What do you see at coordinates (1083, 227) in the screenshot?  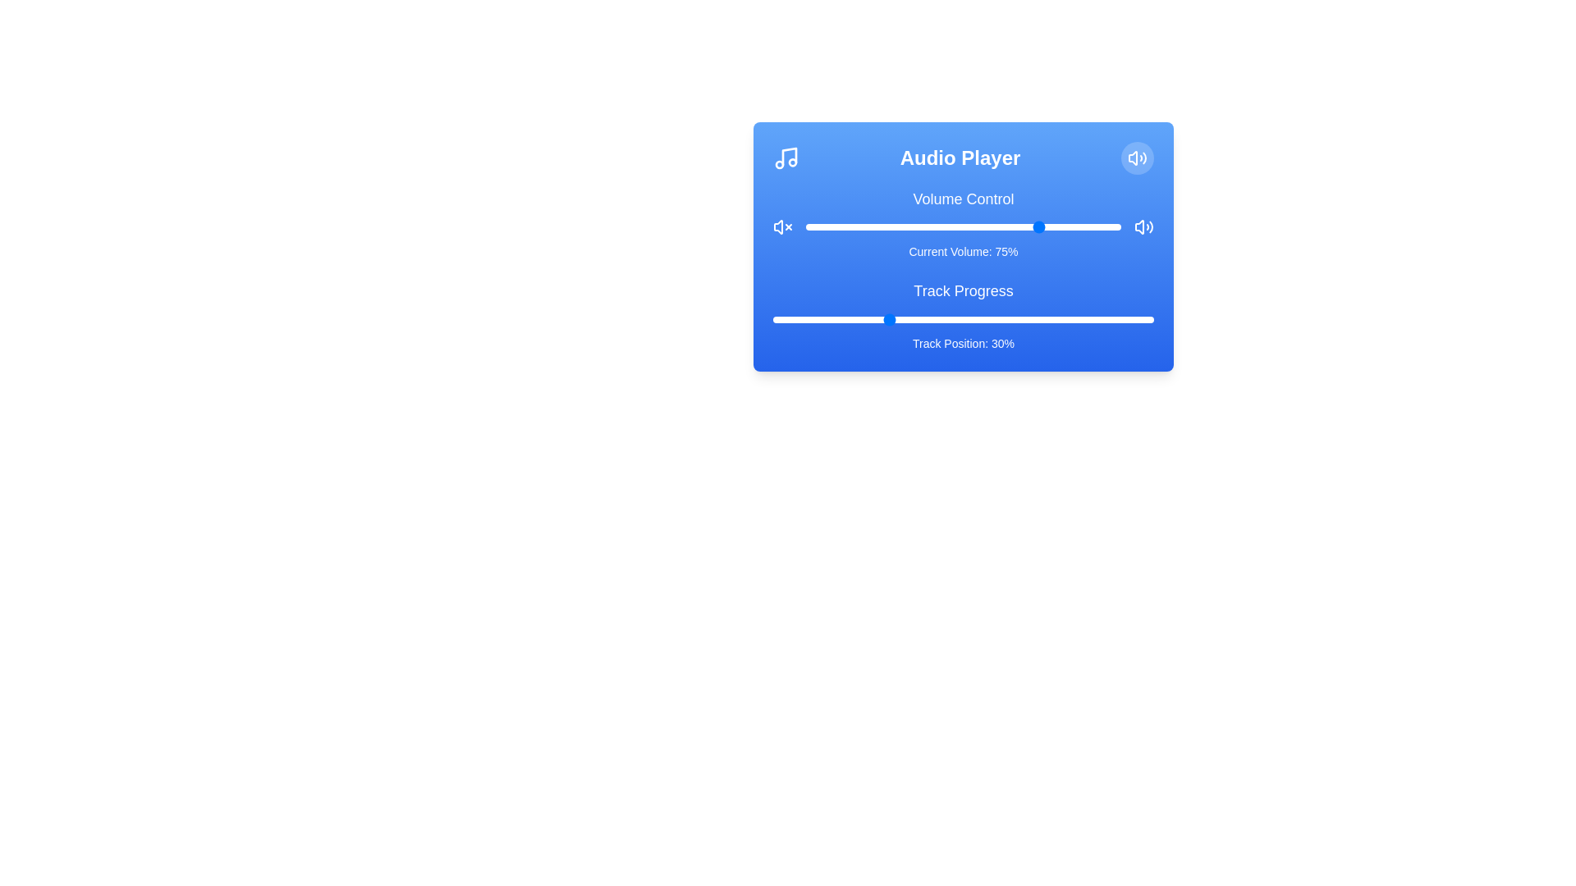 I see `volume` at bounding box center [1083, 227].